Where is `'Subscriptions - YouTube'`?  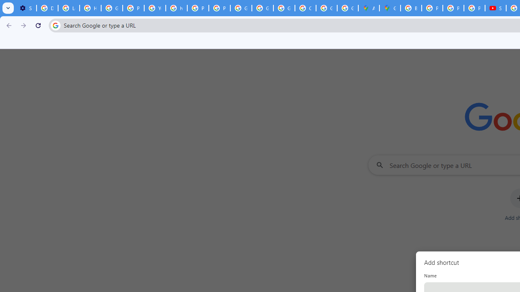
'Subscriptions - YouTube' is located at coordinates (495, 8).